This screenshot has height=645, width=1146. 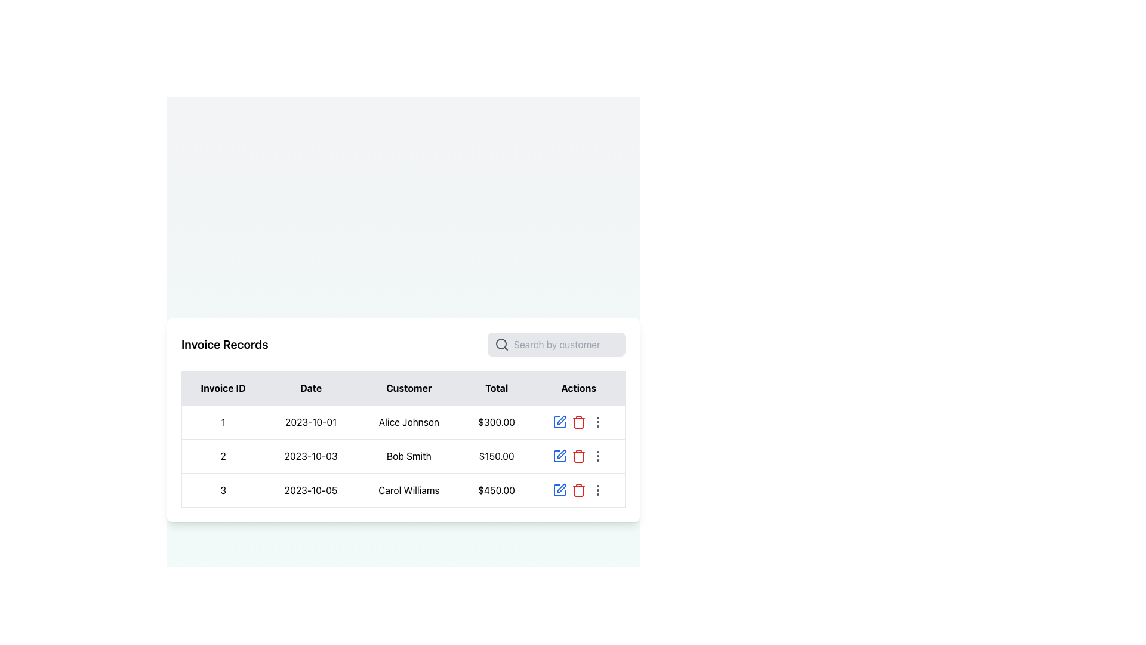 What do you see at coordinates (223, 490) in the screenshot?
I see `the numeral '3' text label representing the Invoice ID for the third item in the 'Invoice Records' table` at bounding box center [223, 490].